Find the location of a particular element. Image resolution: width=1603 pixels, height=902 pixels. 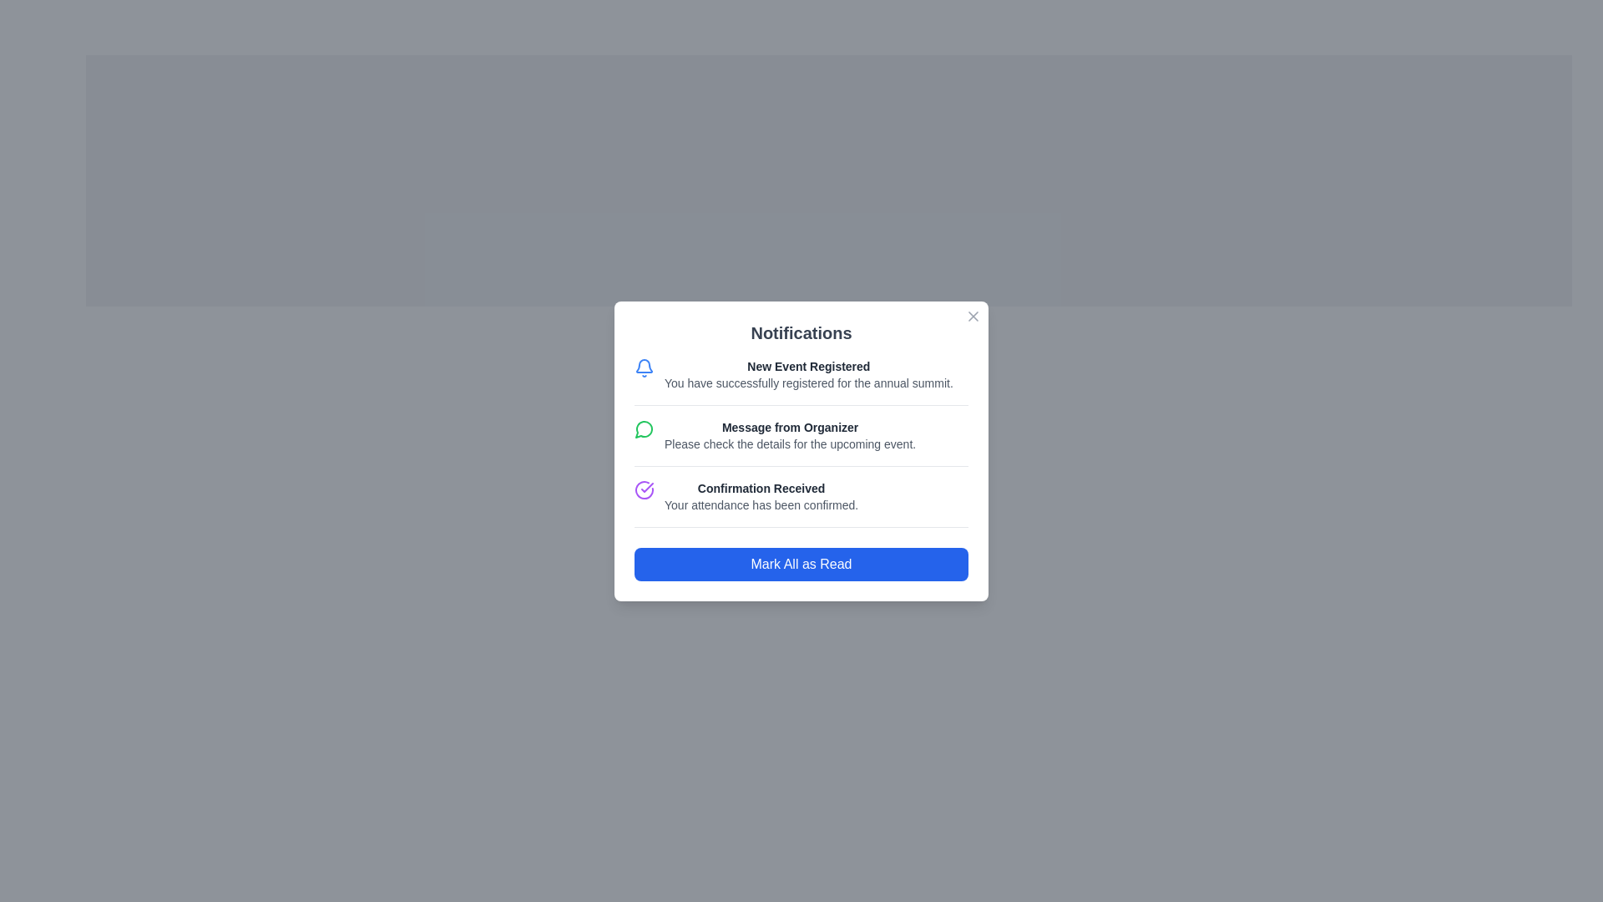

the static text label that reads 'You have successfully registered for the annual summit.' which is located below the title 'New Event Registered' in the notifications popup is located at coordinates (808, 383).